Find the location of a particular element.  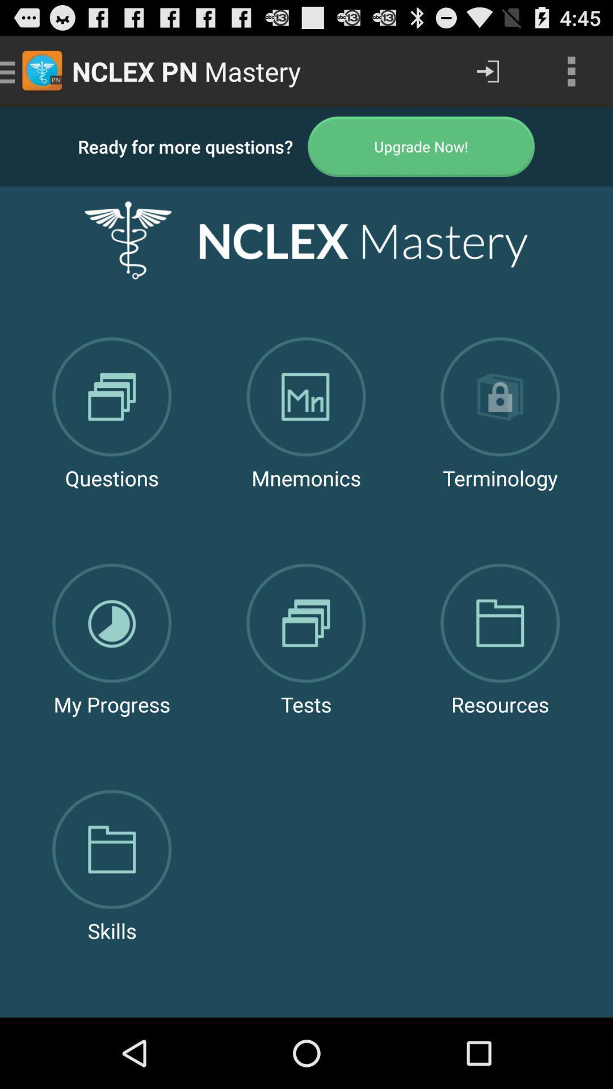

upgrade now is located at coordinates (421, 146).